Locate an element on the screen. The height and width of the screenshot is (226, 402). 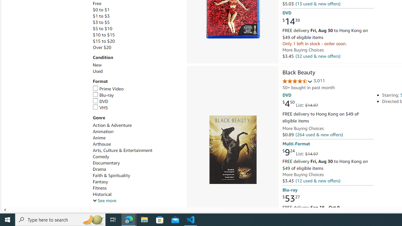
'Animation' is located at coordinates (103, 131).